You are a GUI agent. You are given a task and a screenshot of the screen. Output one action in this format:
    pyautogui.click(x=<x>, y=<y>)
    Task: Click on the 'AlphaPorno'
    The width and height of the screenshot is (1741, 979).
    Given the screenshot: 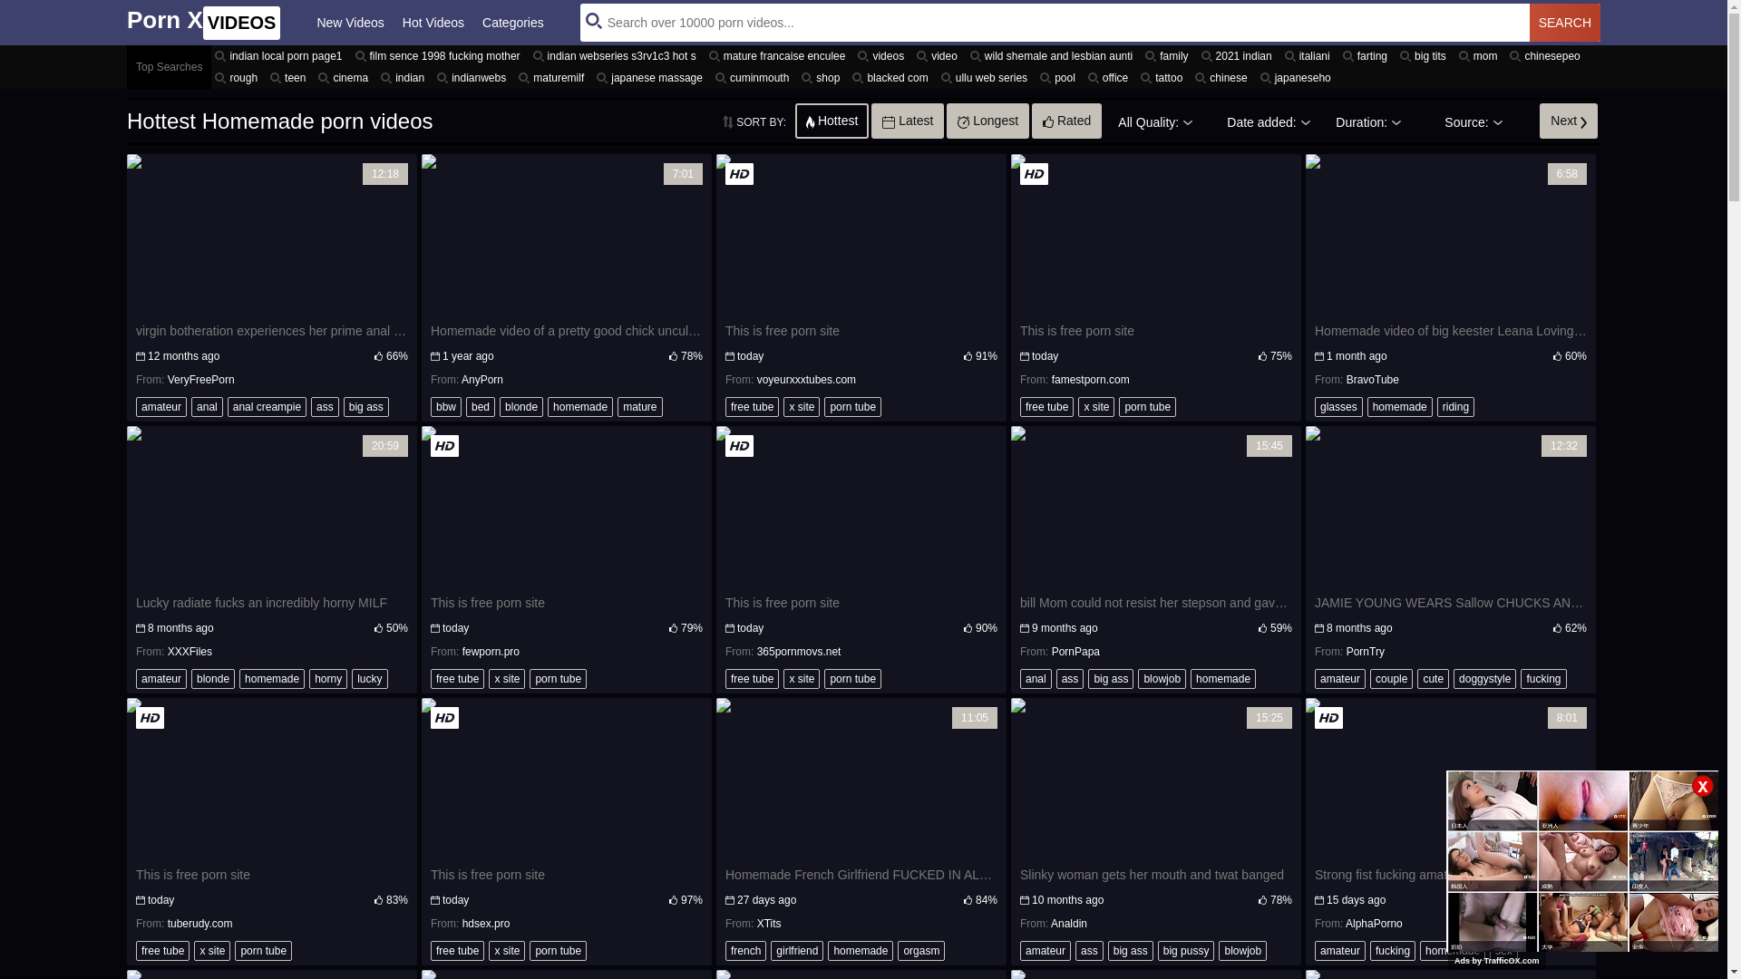 What is the action you would take?
    pyautogui.click(x=1374, y=923)
    